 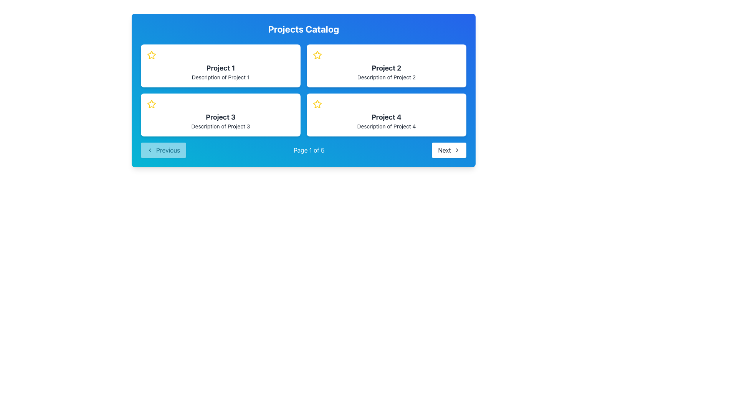 I want to click on the Text Label that serves as the title or name identifier for the project, located in the first column of the second row in a 2x2 grid layout, so click(x=220, y=117).